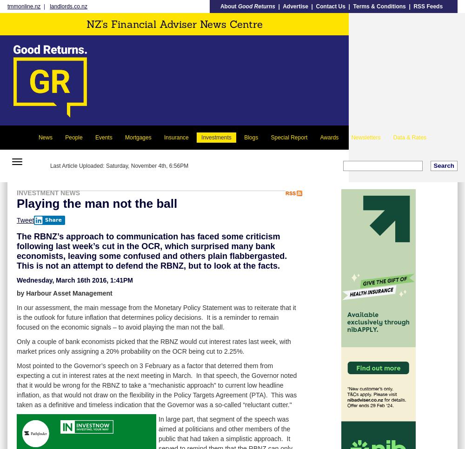 The image size is (465, 449). What do you see at coordinates (428, 6) in the screenshot?
I see `'RSS Feeds'` at bounding box center [428, 6].